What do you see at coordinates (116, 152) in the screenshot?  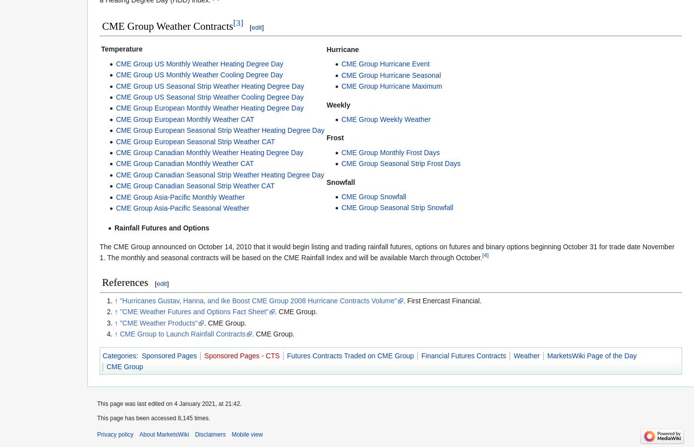 I see `'CME Group Canadian Monthly Weather Heating Degree Day'` at bounding box center [116, 152].